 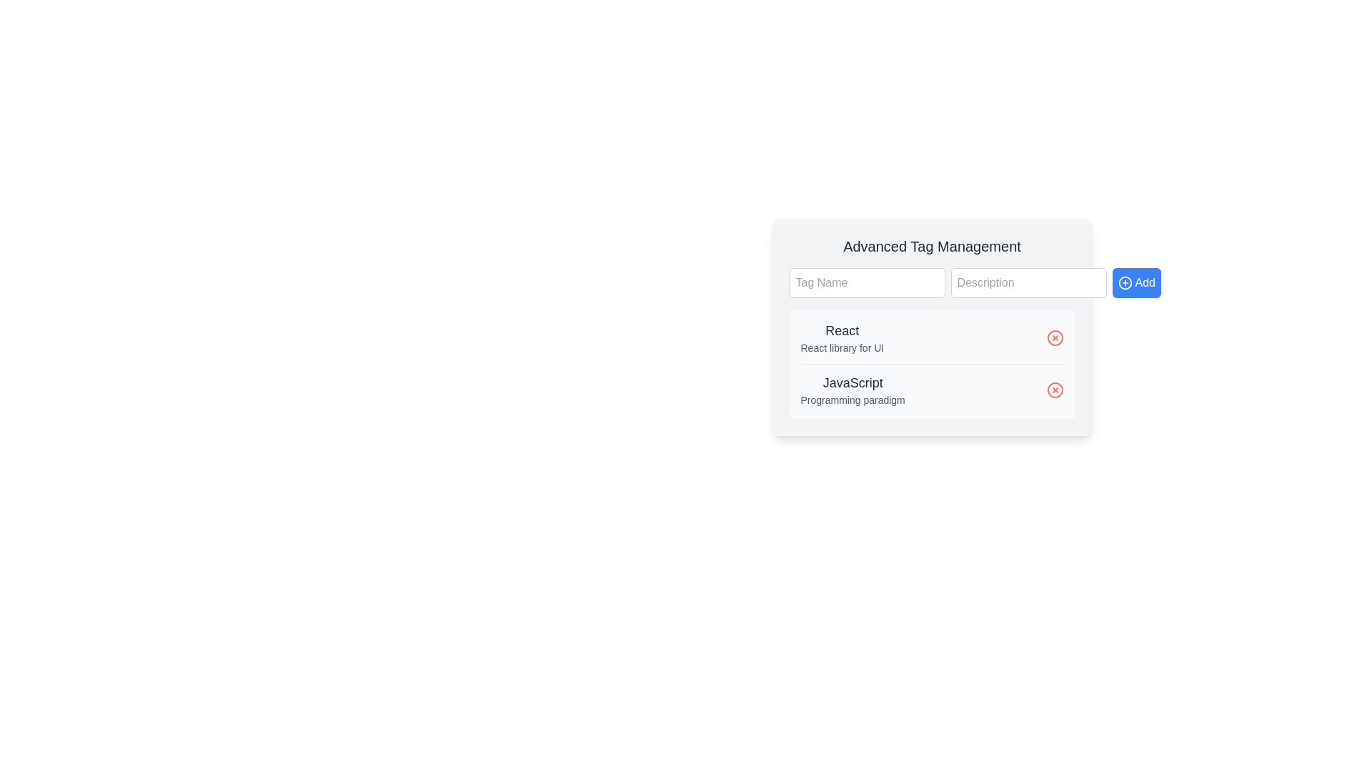 What do you see at coordinates (842, 338) in the screenshot?
I see `the first item in the vertically stacked list under the 'Advanced Tag Management' section, which displays the name and description of the React library` at bounding box center [842, 338].